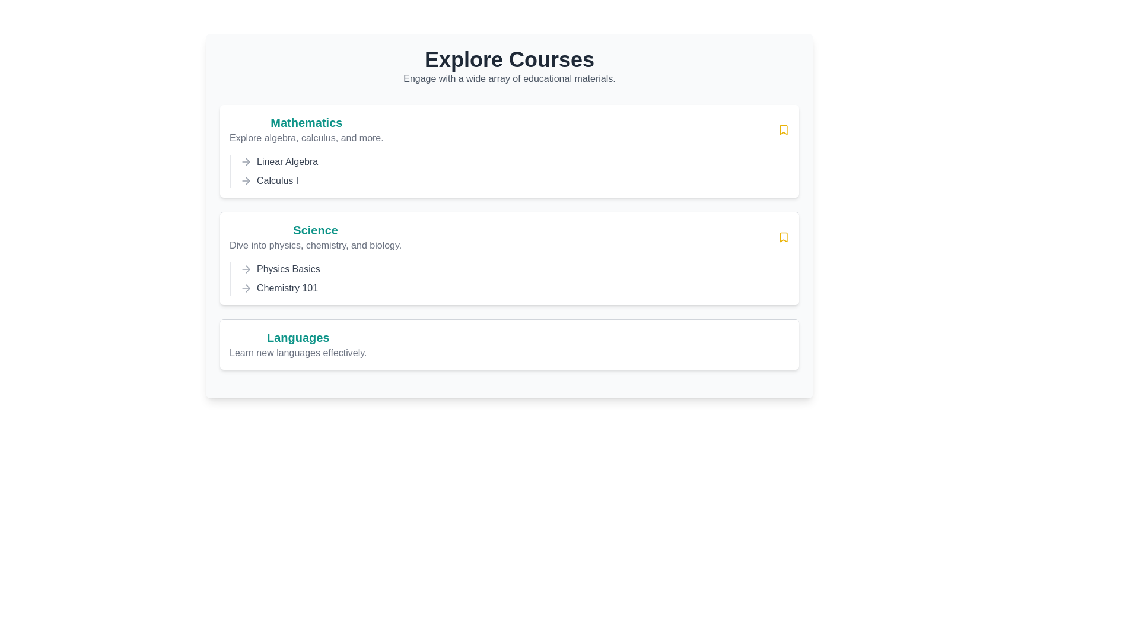  I want to click on the 'Calculus I' hyperlink located in the 'Mathematics' section under 'Linear Algebra' to observe the color change, so click(277, 180).